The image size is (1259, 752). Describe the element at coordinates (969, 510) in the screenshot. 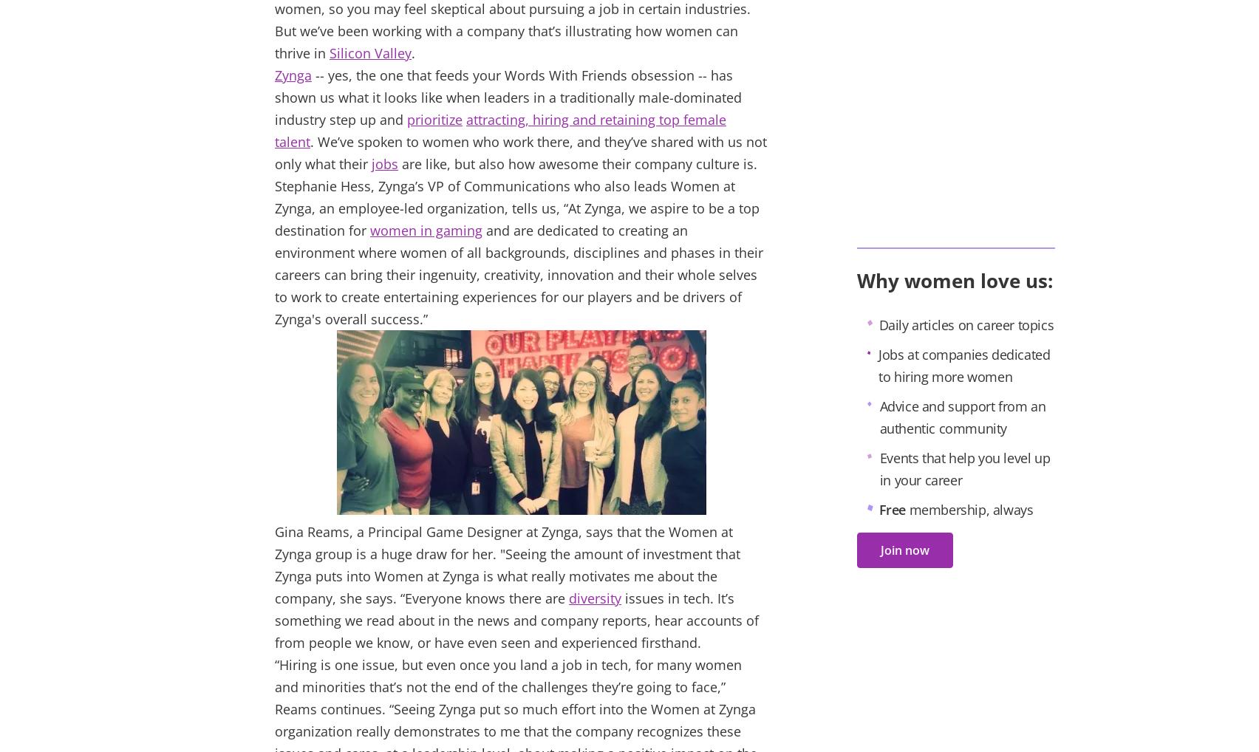

I see `'membership, always'` at that location.